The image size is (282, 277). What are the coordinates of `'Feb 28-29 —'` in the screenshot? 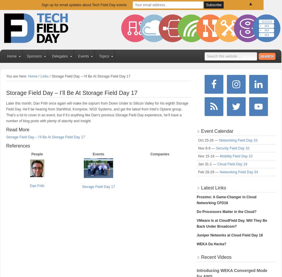 It's located at (208, 172).